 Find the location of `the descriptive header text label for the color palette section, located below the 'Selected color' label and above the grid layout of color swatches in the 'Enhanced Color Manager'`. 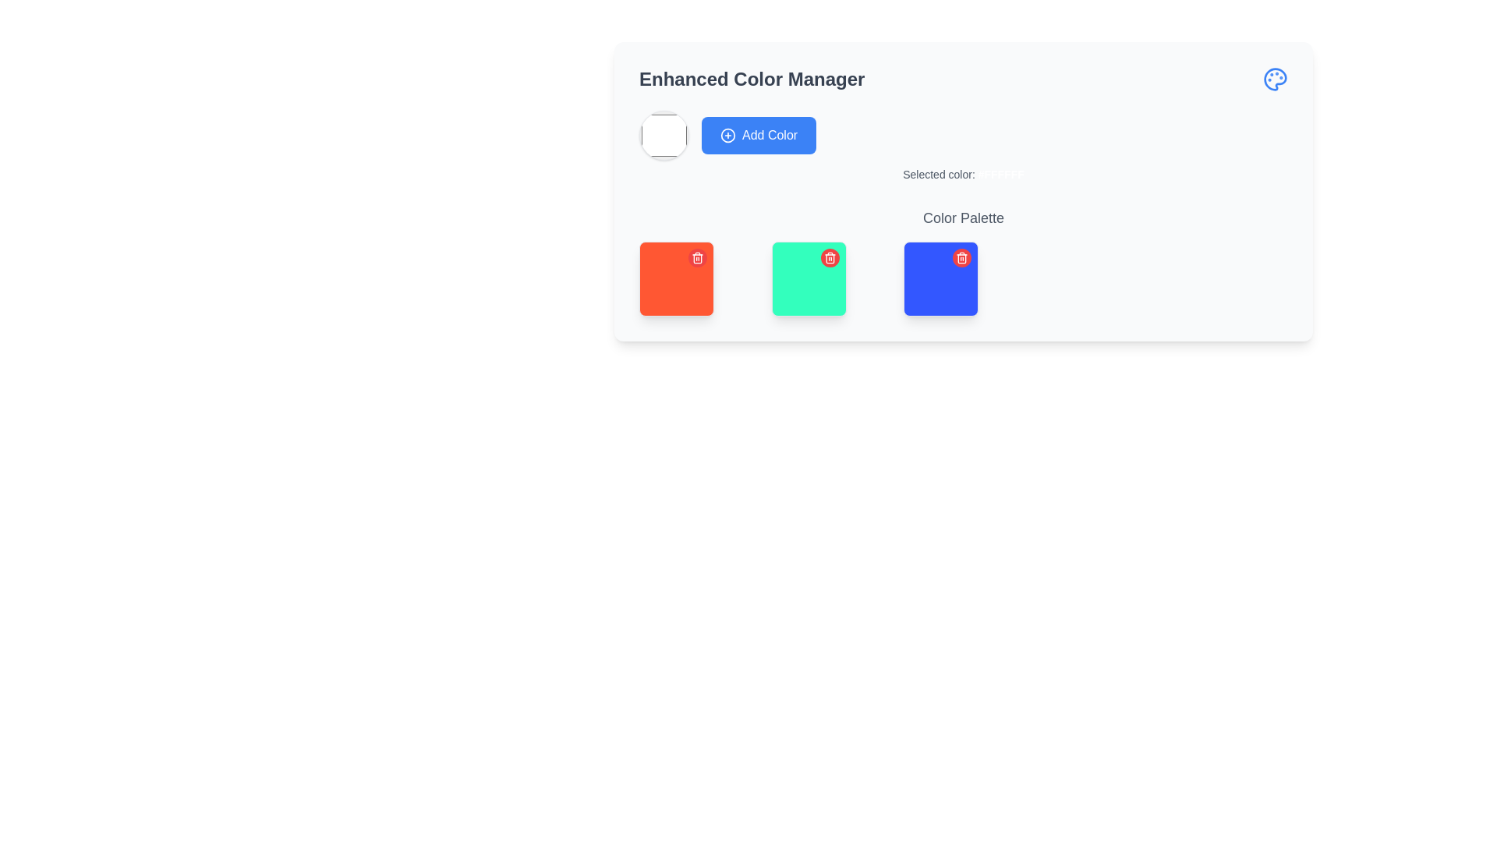

the descriptive header text label for the color palette section, located below the 'Selected color' label and above the grid layout of color swatches in the 'Enhanced Color Manager' is located at coordinates (963, 260).